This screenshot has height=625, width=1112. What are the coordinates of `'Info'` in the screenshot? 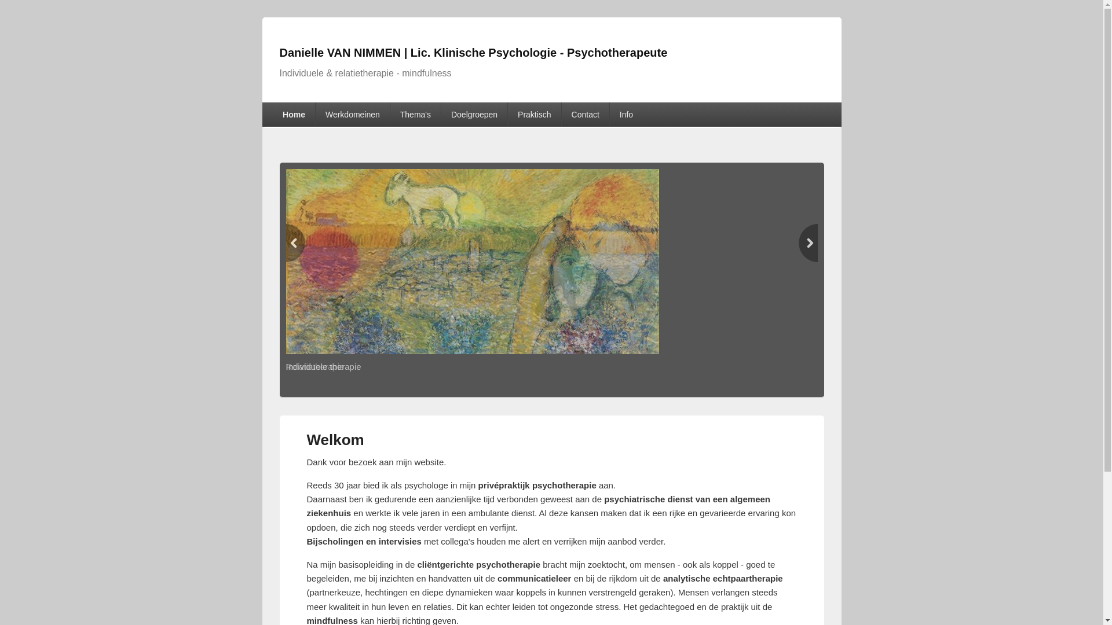 It's located at (625, 114).